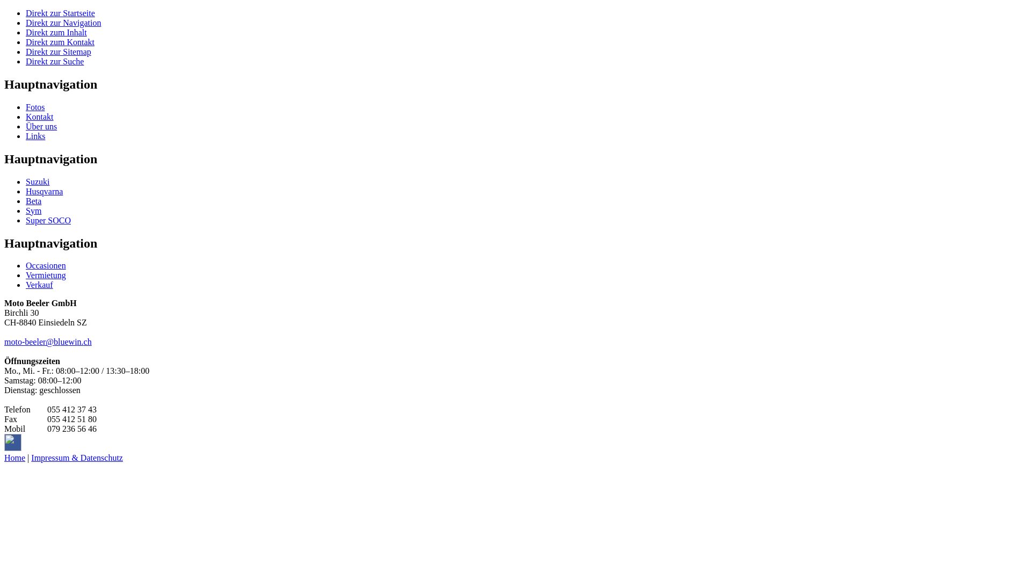  I want to click on 'Husqvarna', so click(43, 191).